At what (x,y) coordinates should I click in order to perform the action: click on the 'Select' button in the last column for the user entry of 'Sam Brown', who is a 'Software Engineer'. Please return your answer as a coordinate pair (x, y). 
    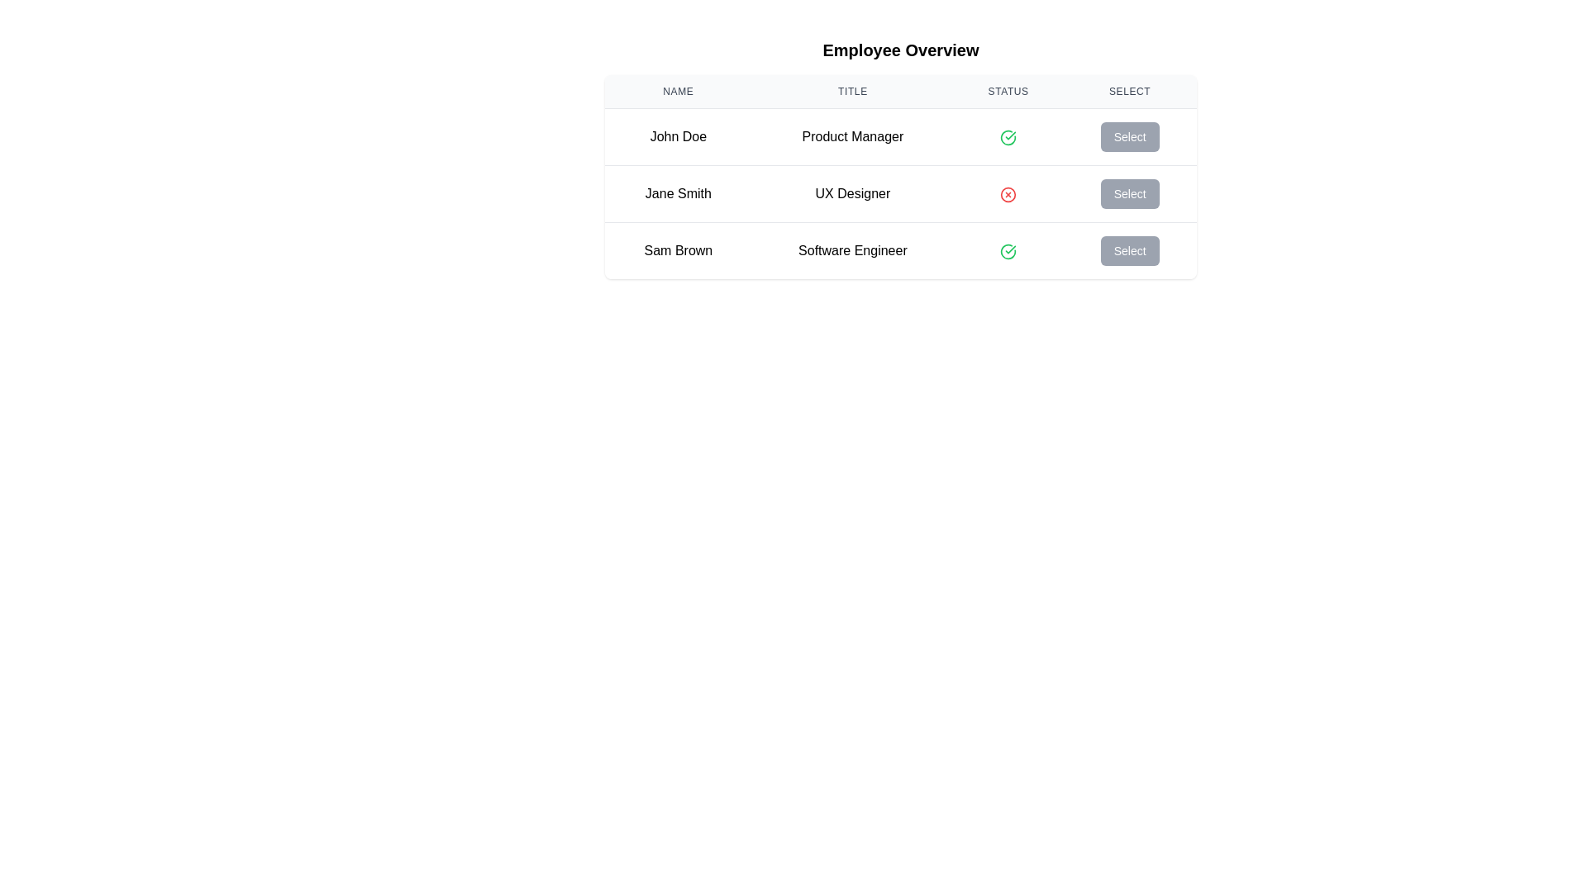
    Looking at the image, I should click on (1129, 250).